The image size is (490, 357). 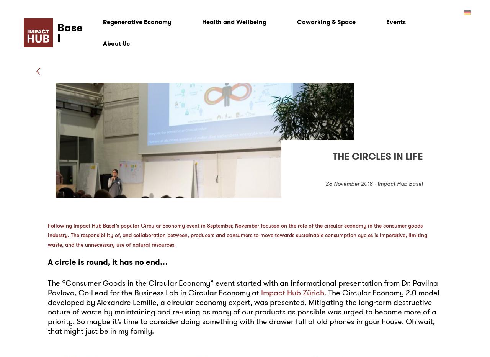 I want to click on 'About Us', so click(x=115, y=43).